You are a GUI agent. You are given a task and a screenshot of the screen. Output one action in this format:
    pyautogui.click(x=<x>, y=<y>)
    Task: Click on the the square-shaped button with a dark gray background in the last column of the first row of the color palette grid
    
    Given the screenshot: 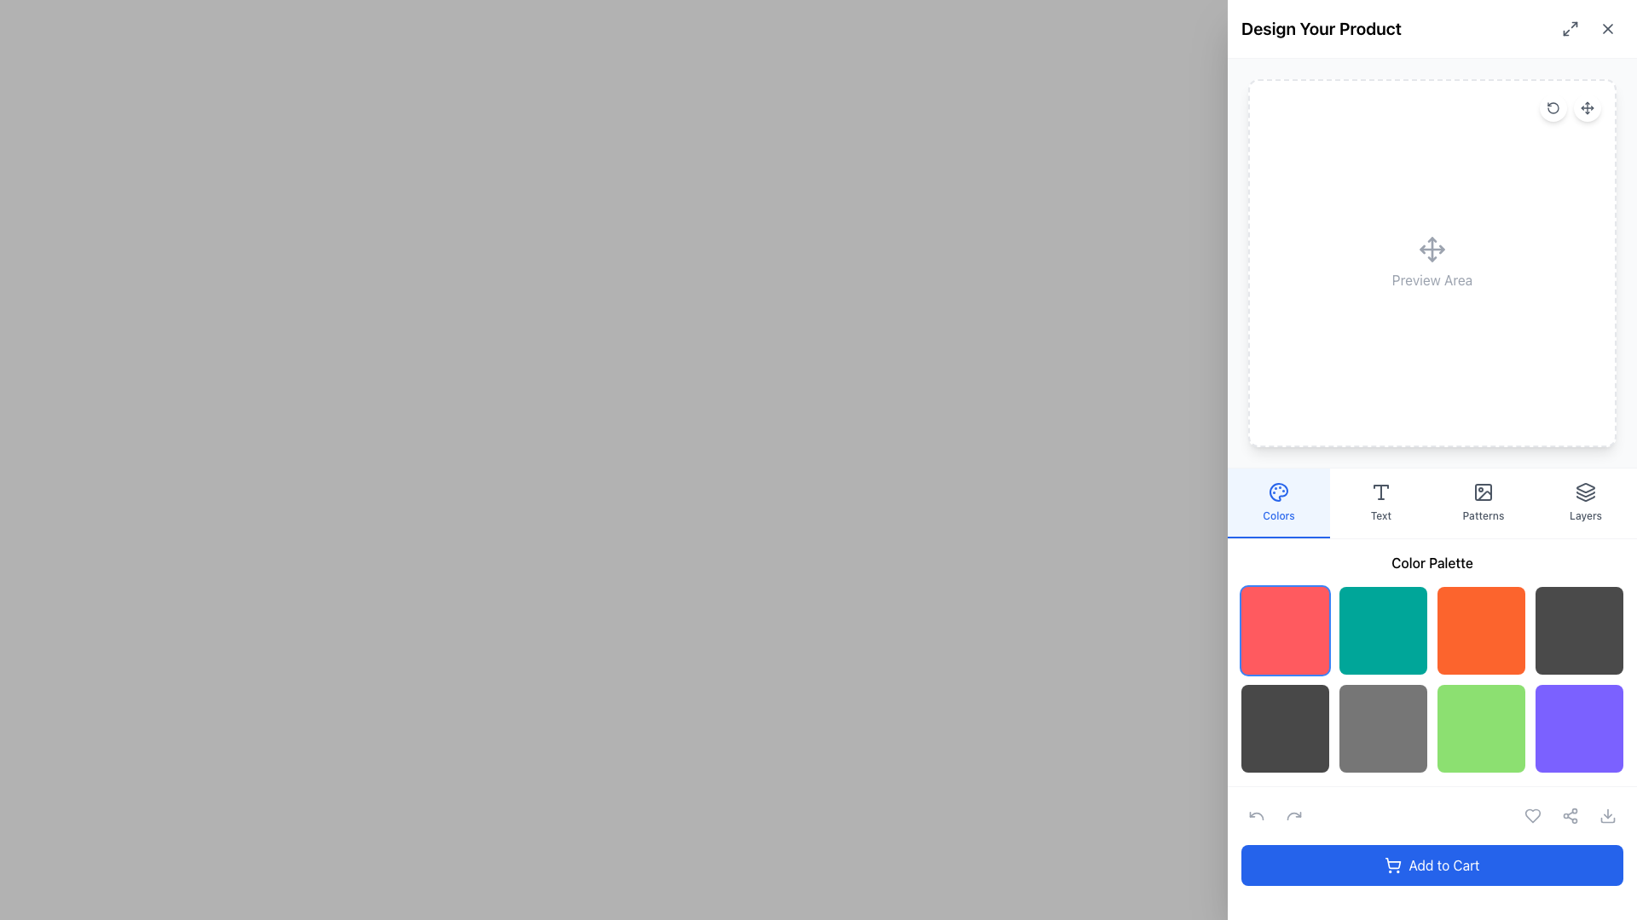 What is the action you would take?
    pyautogui.click(x=1578, y=630)
    